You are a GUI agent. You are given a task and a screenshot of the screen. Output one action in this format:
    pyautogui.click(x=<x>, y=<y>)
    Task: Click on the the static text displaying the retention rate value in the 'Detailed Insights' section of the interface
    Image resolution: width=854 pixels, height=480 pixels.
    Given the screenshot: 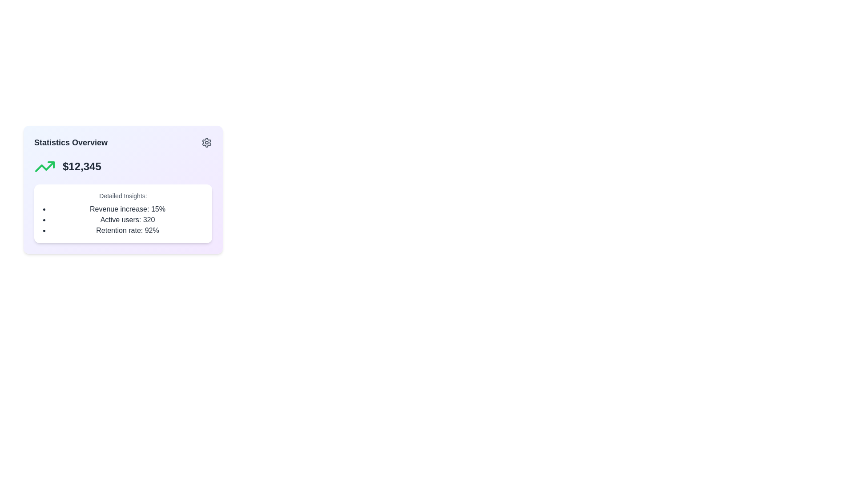 What is the action you would take?
    pyautogui.click(x=127, y=230)
    